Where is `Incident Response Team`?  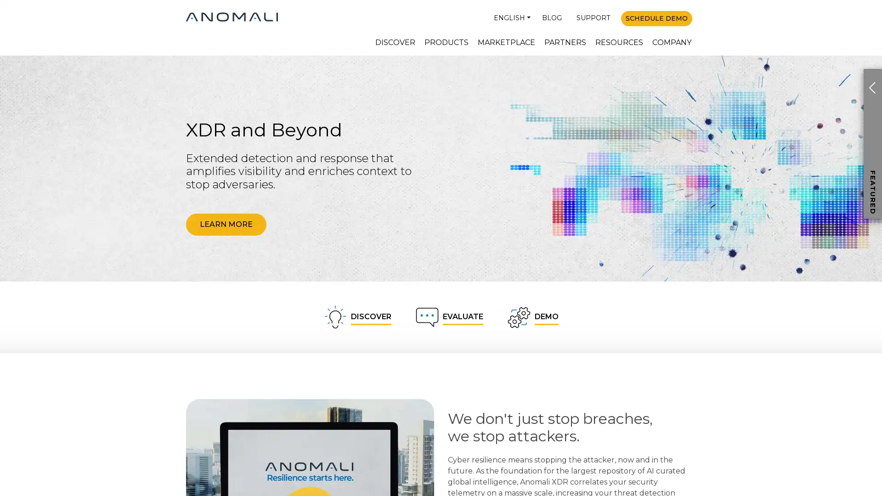
Incident Response Team is located at coordinates (813, 310).